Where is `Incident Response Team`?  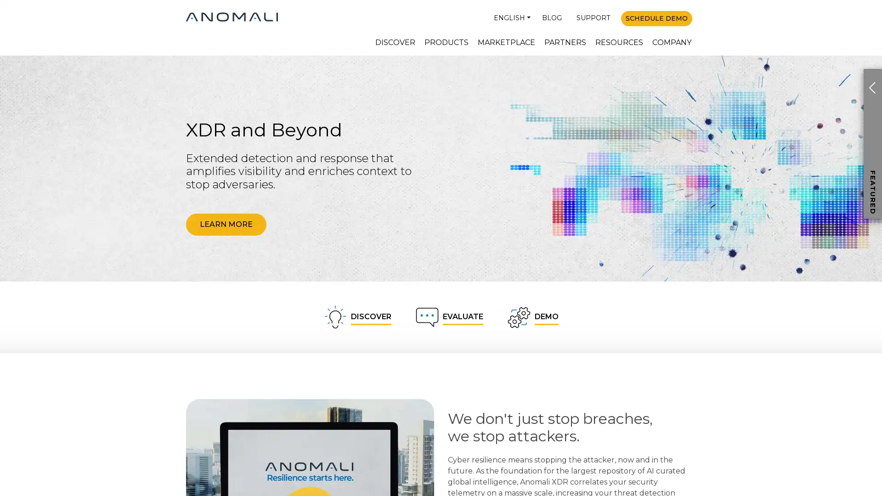
Incident Response Team is located at coordinates (813, 310).